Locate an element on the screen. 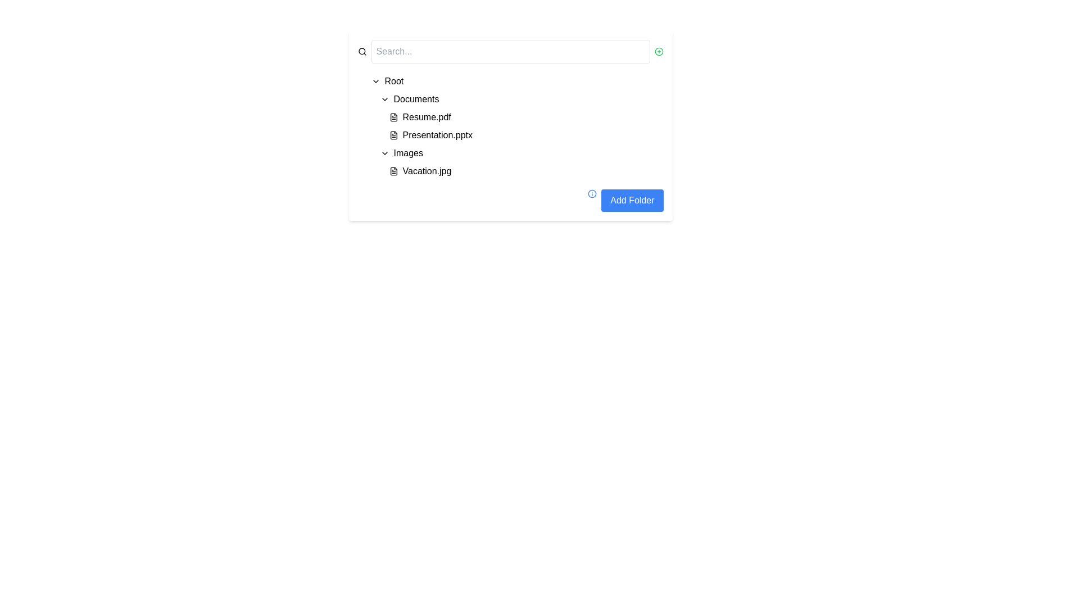 Image resolution: width=1079 pixels, height=607 pixels. the 'Root' text label, which serves as the title for the top level of the displayed file structure, to expand or collapse its contents is located at coordinates (394, 81).